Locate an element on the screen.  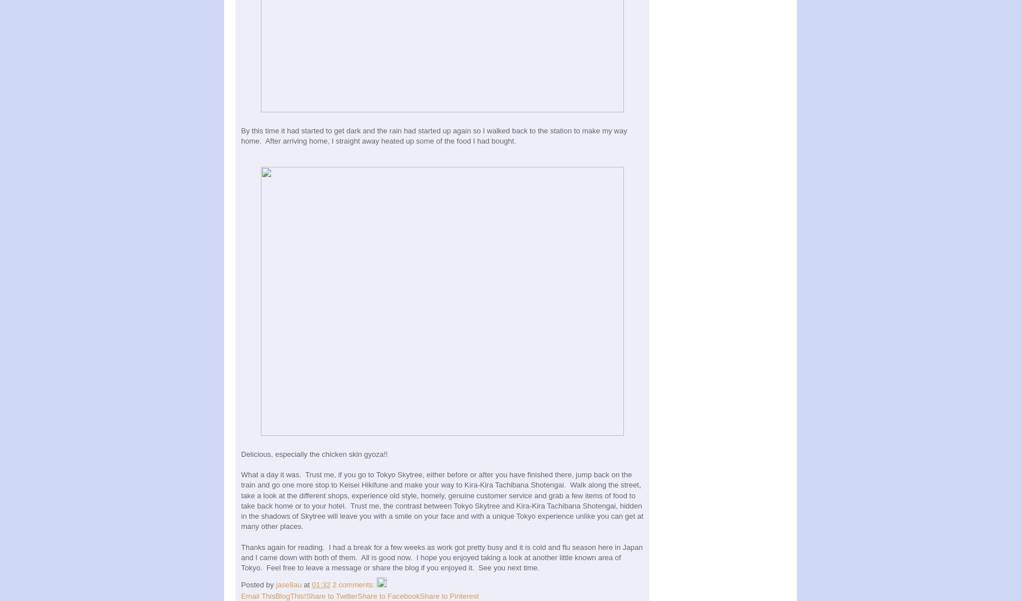
'jase8au' is located at coordinates (275, 583).